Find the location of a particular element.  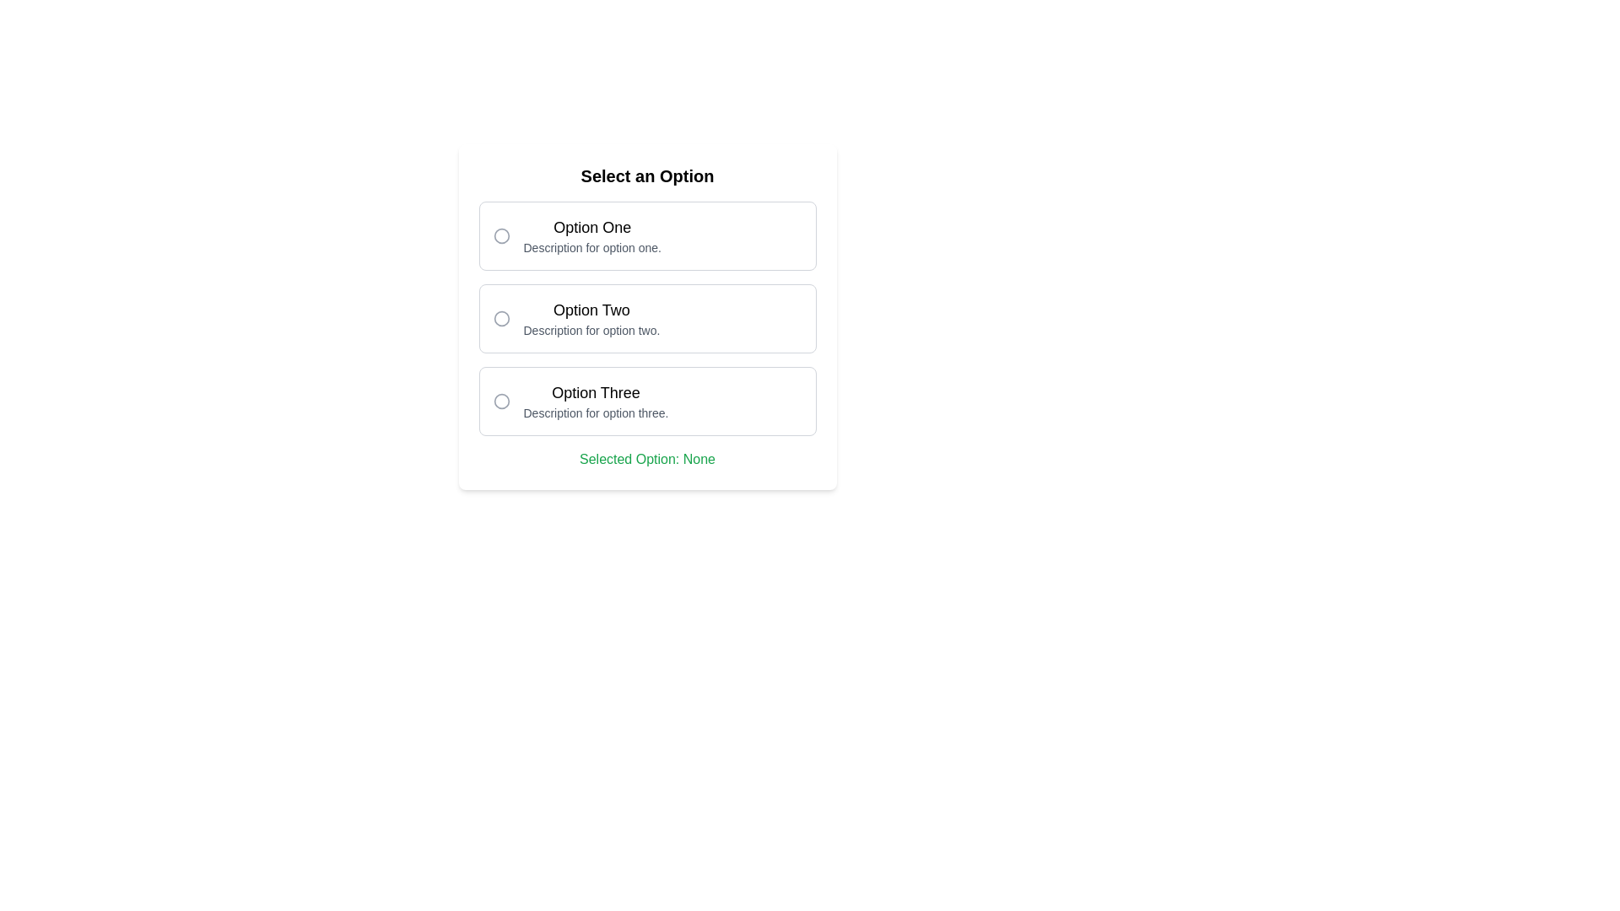

the Text Label that identifies the first selectable option block, located above the description text 'Description for option one.' and to the right of the circular radio button is located at coordinates (592, 228).